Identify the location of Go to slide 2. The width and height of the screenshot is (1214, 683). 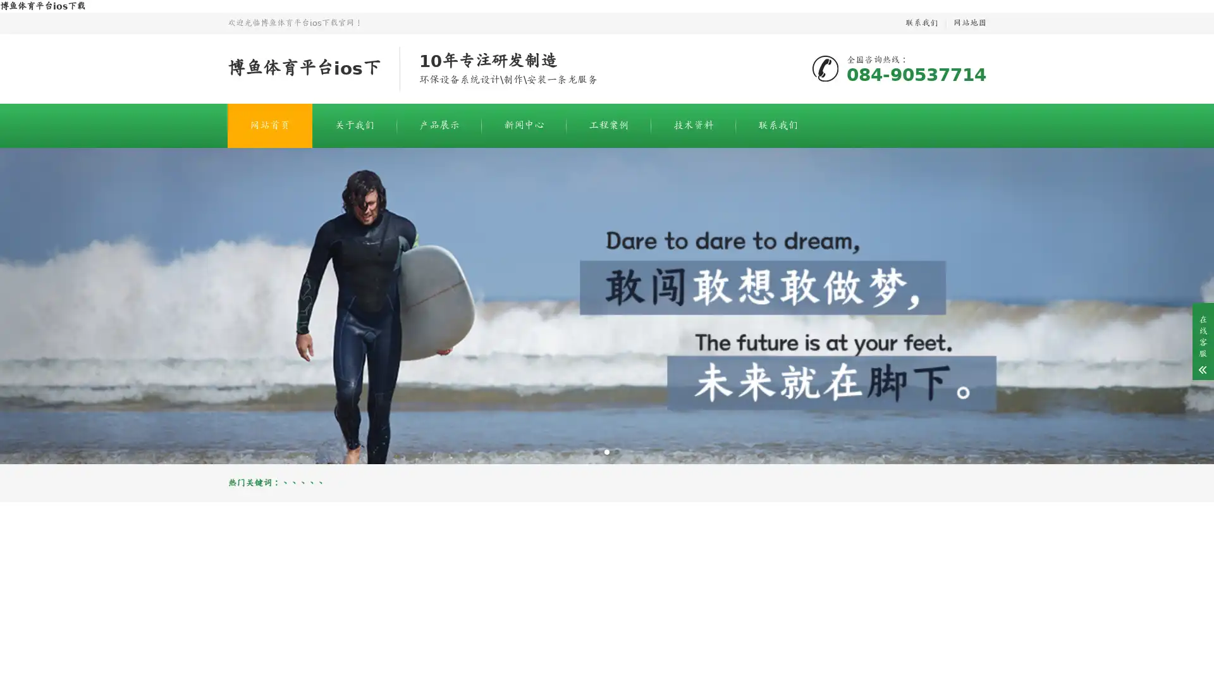
(607, 451).